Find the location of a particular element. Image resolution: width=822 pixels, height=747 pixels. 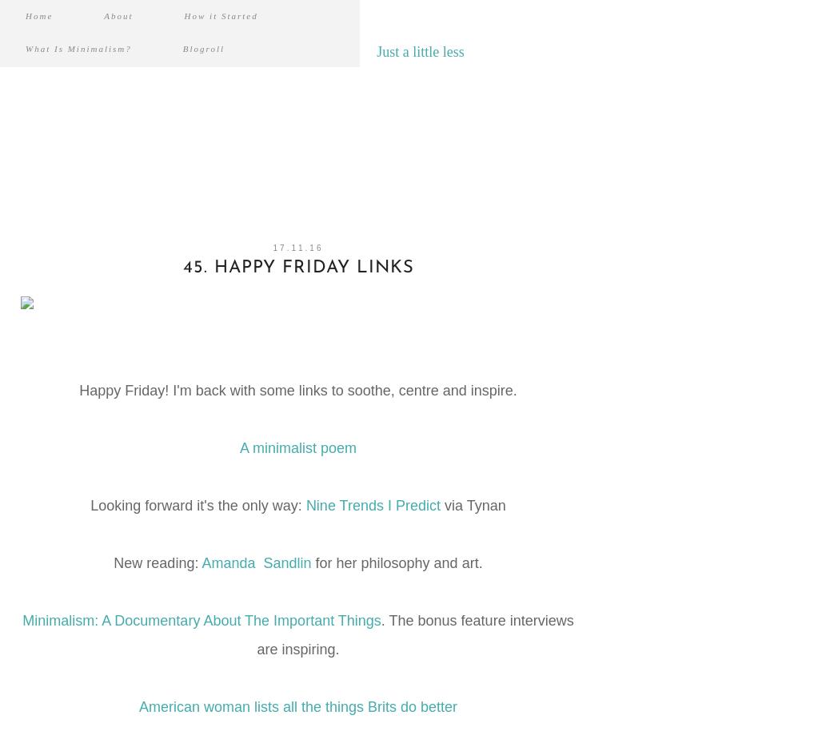

'Happy Friday! I'm back with some links to soothe, centre and inspire.' is located at coordinates (297, 391).